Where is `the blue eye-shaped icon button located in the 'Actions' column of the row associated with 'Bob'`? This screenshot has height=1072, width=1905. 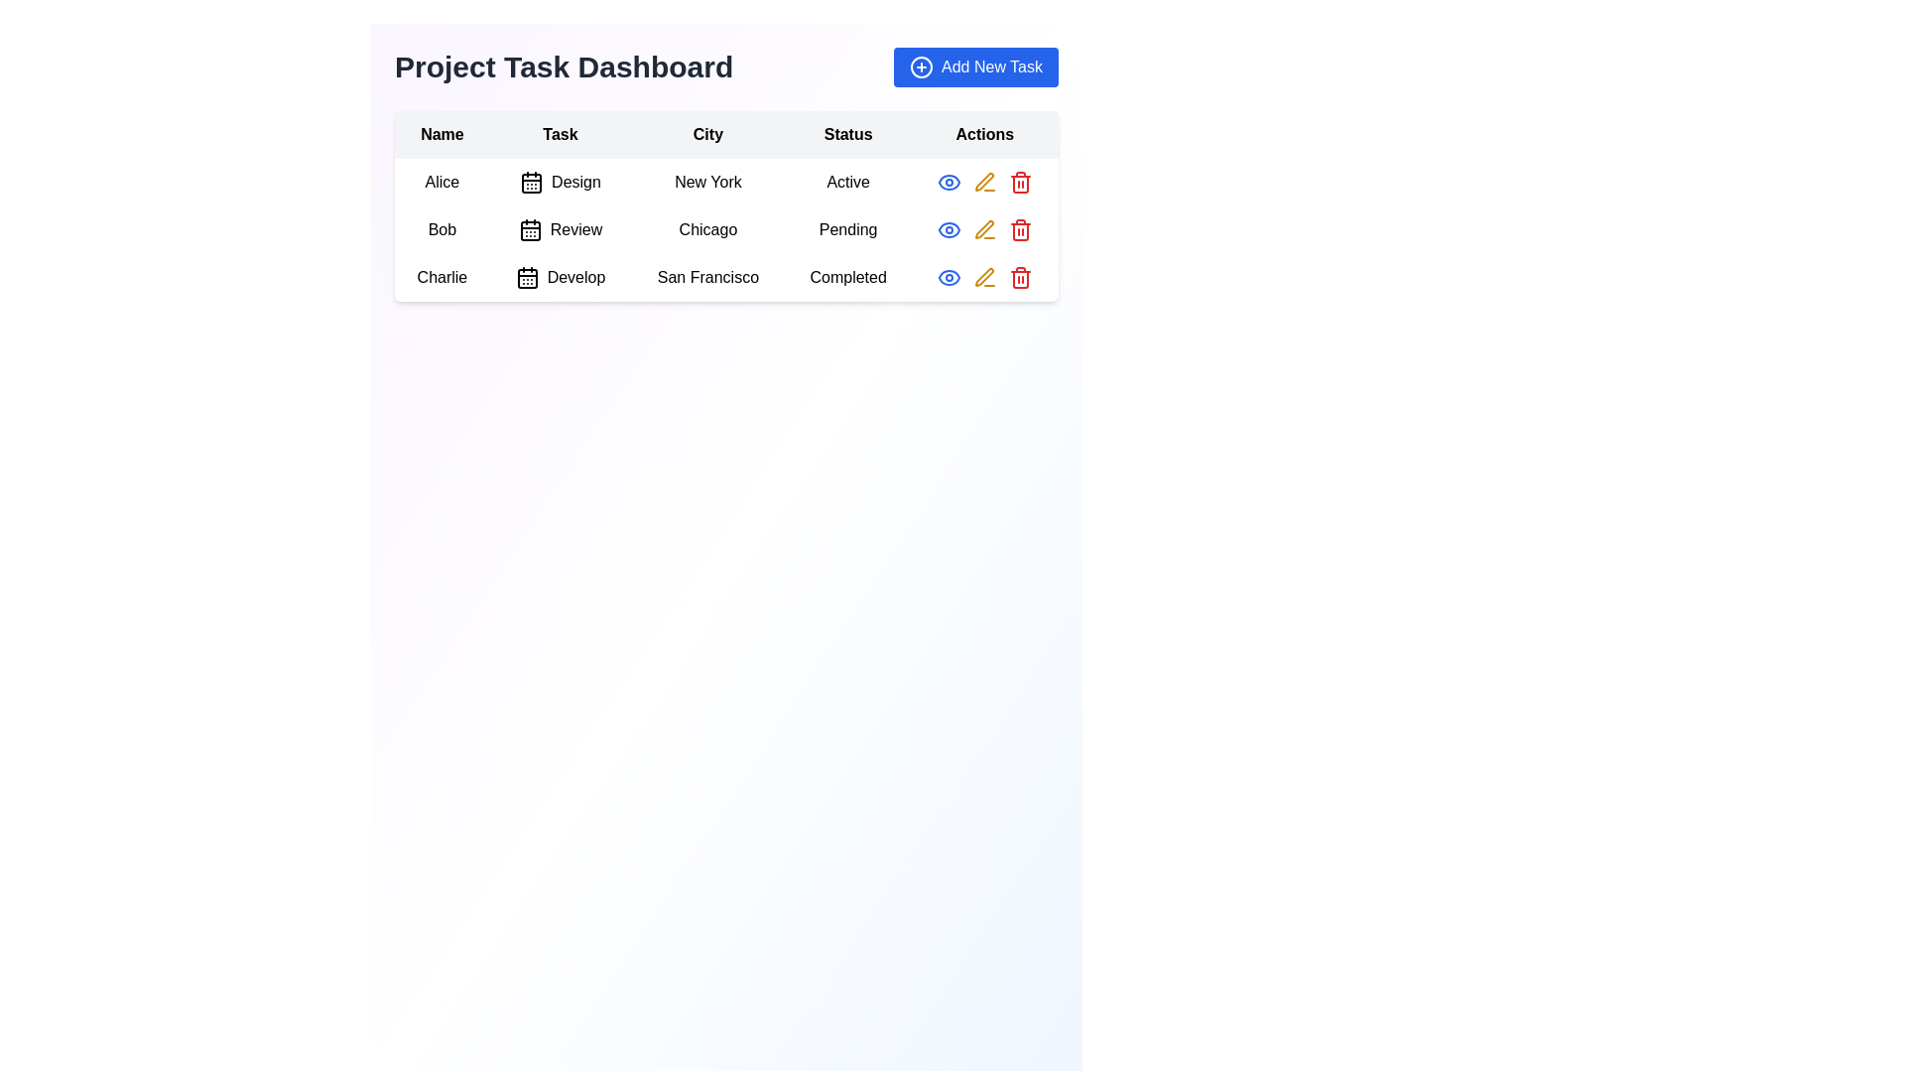
the blue eye-shaped icon button located in the 'Actions' column of the row associated with 'Bob' is located at coordinates (948, 228).